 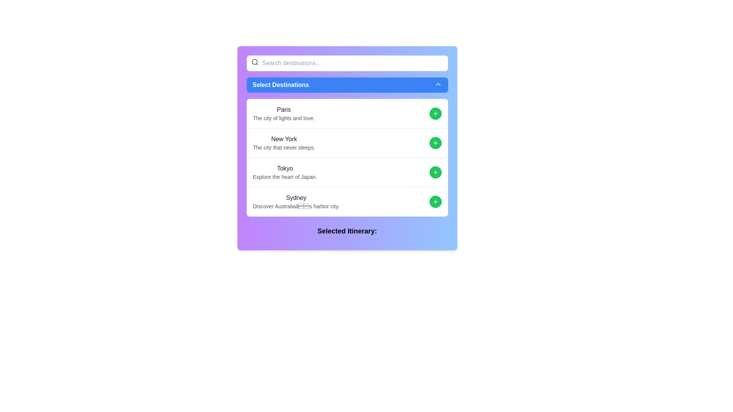 What do you see at coordinates (255, 61) in the screenshot?
I see `the search icon, which is a gray circular shape resembling a magnifying glass, located at the top-left corner of the input field before the placeholder text 'Search destinations...'` at bounding box center [255, 61].